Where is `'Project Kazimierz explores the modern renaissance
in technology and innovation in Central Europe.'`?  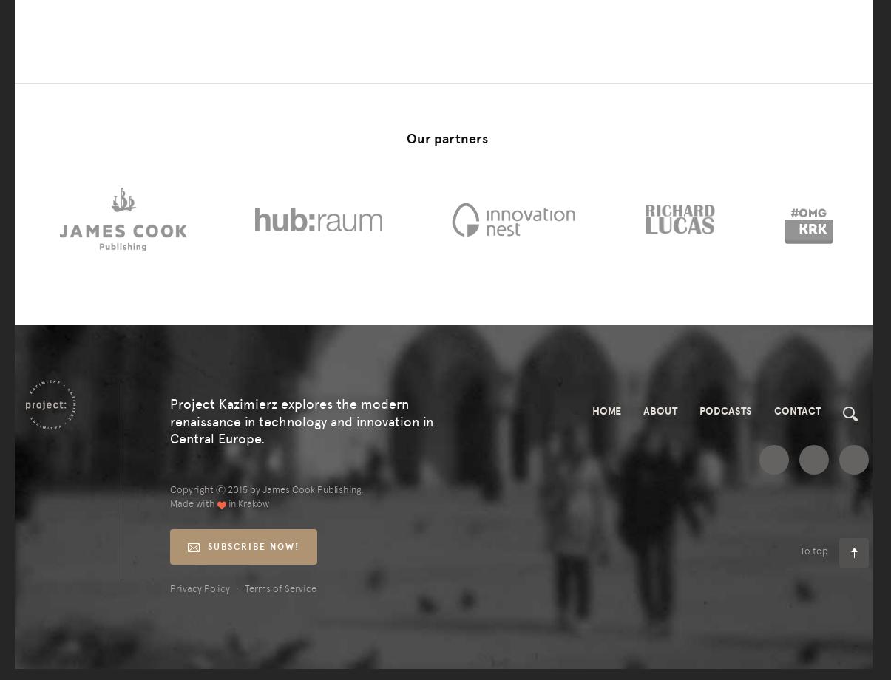 'Project Kazimierz explores the modern renaissance
in technology and innovation in Central Europe.' is located at coordinates (301, 421).